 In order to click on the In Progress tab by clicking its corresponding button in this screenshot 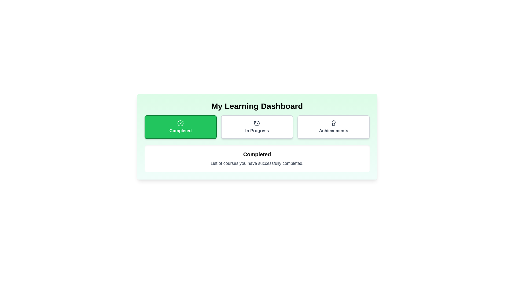, I will do `click(257, 127)`.